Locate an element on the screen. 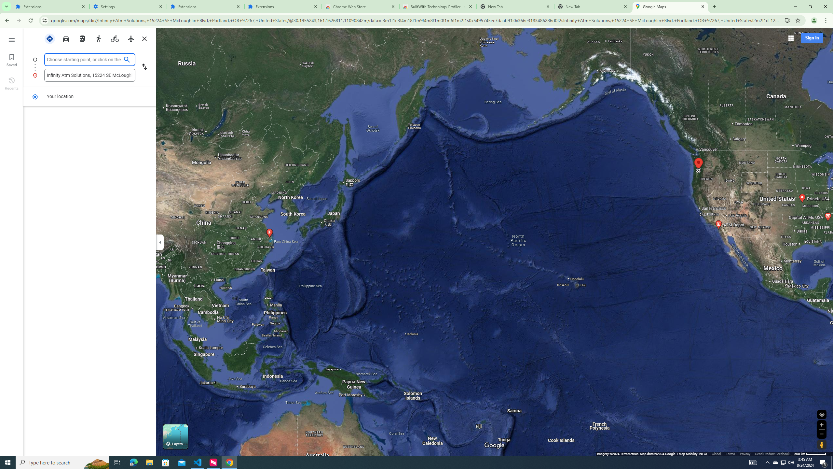 The image size is (833, 469). 'You' is located at coordinates (814, 20).